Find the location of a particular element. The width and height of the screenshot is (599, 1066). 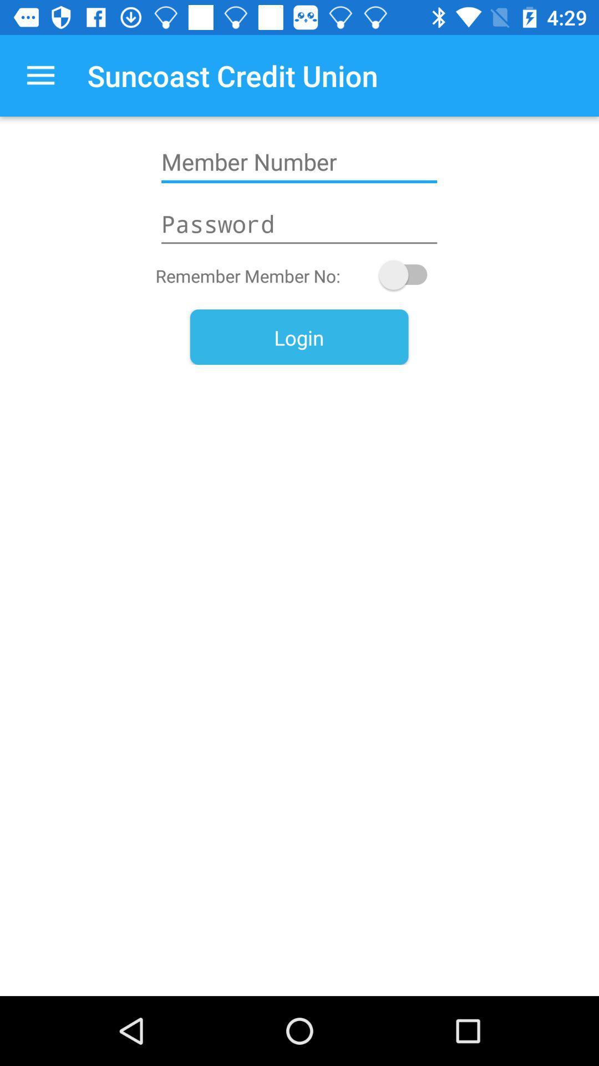

item next to remember member no: icon is located at coordinates (408, 275).